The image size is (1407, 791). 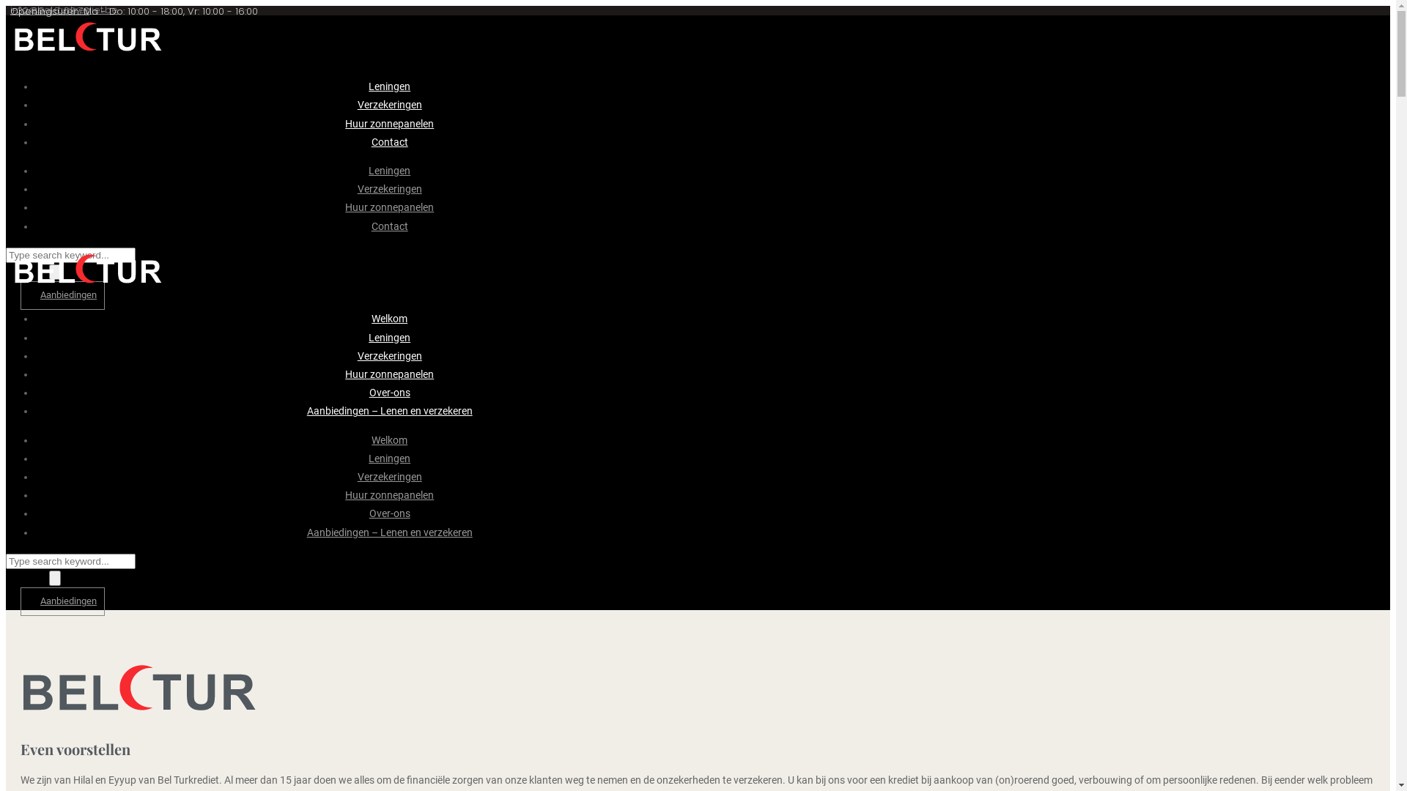 I want to click on 'Huur zonnepanelen', so click(x=389, y=494).